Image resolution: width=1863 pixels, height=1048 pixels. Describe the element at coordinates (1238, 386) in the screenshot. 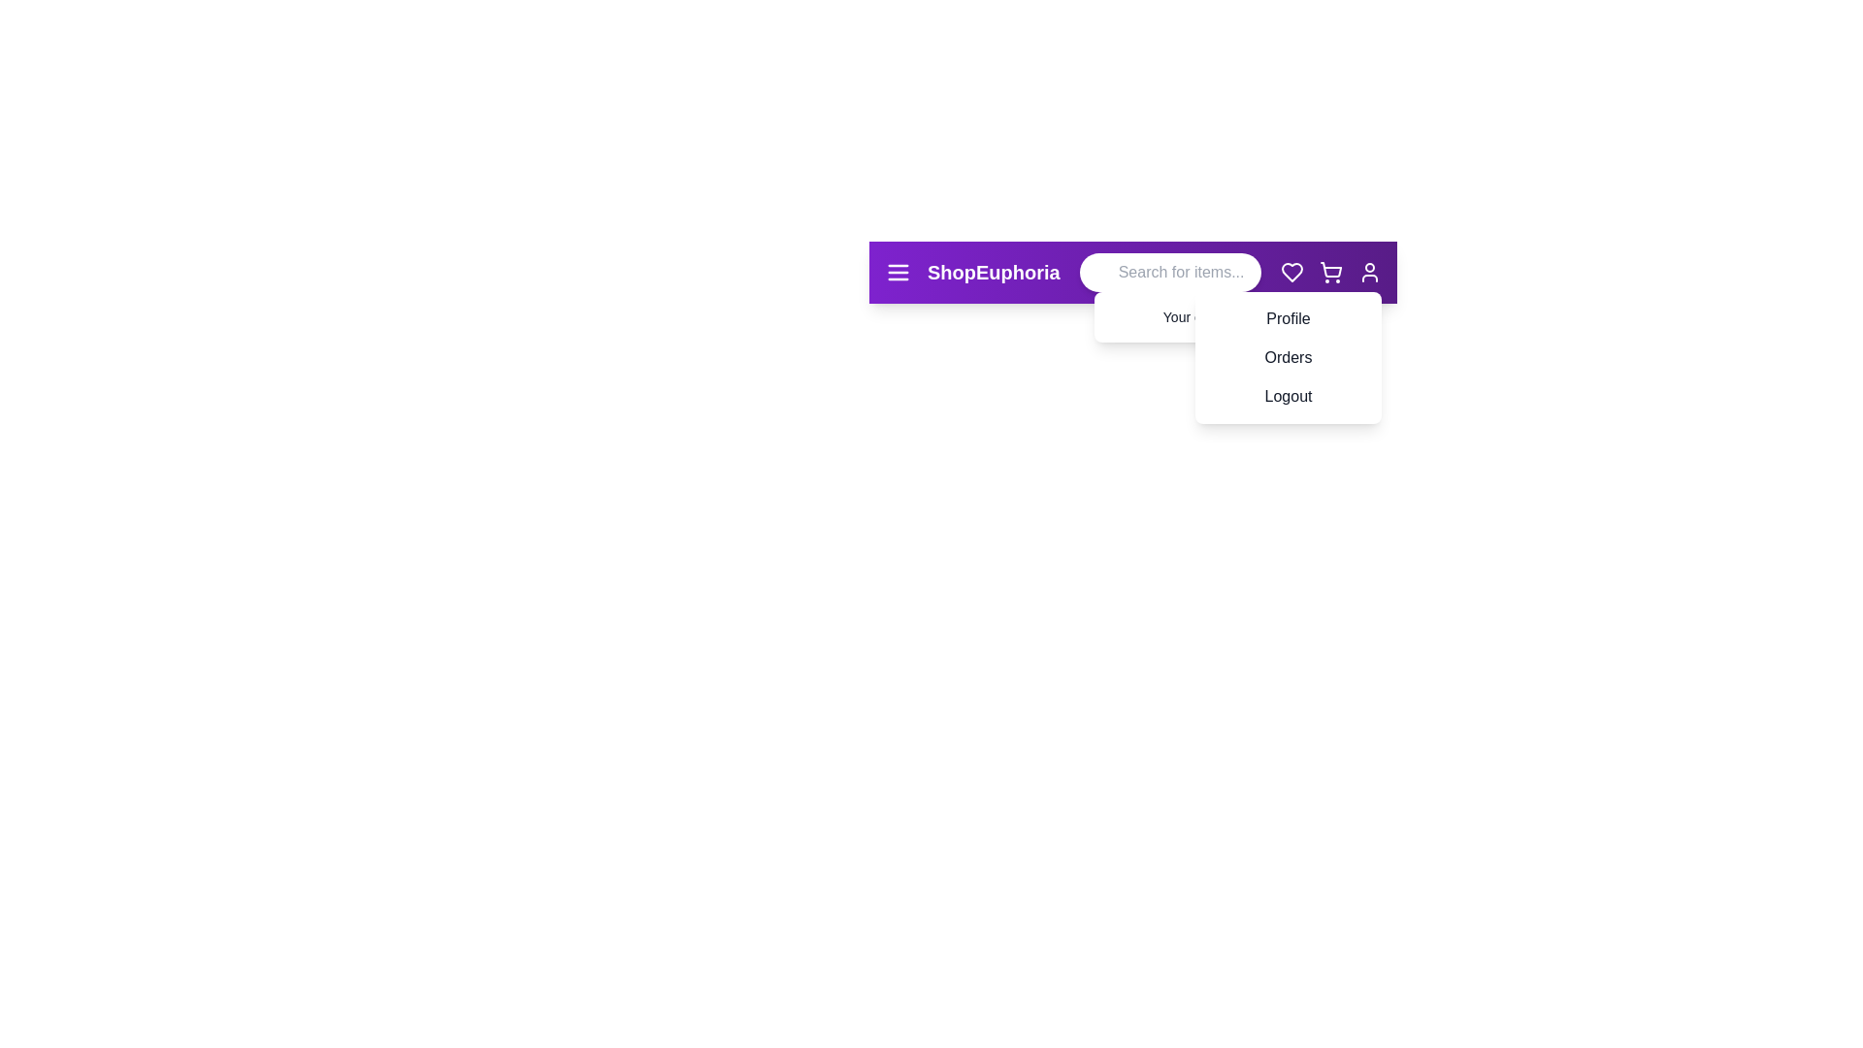

I see `the Logout from the user menu` at that location.